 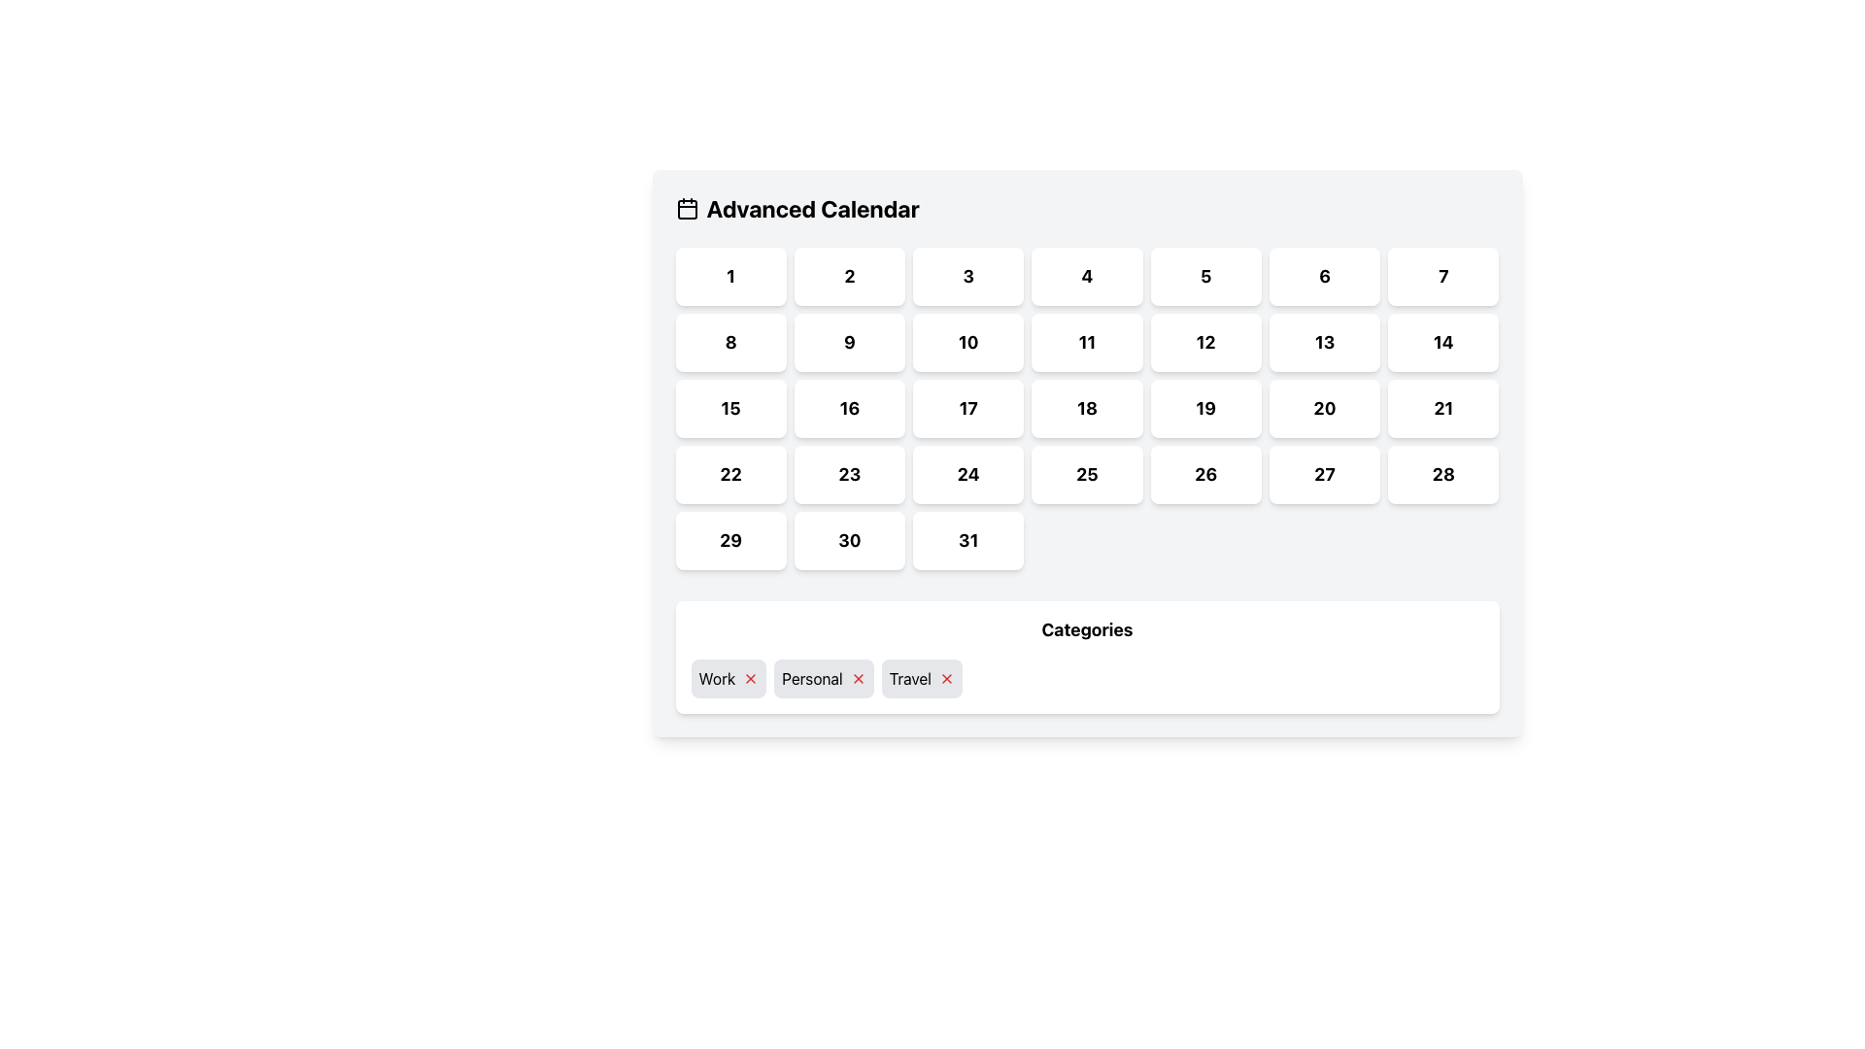 What do you see at coordinates (1204, 407) in the screenshot?
I see `the white rounded rectangle button displaying the bold number '19'` at bounding box center [1204, 407].